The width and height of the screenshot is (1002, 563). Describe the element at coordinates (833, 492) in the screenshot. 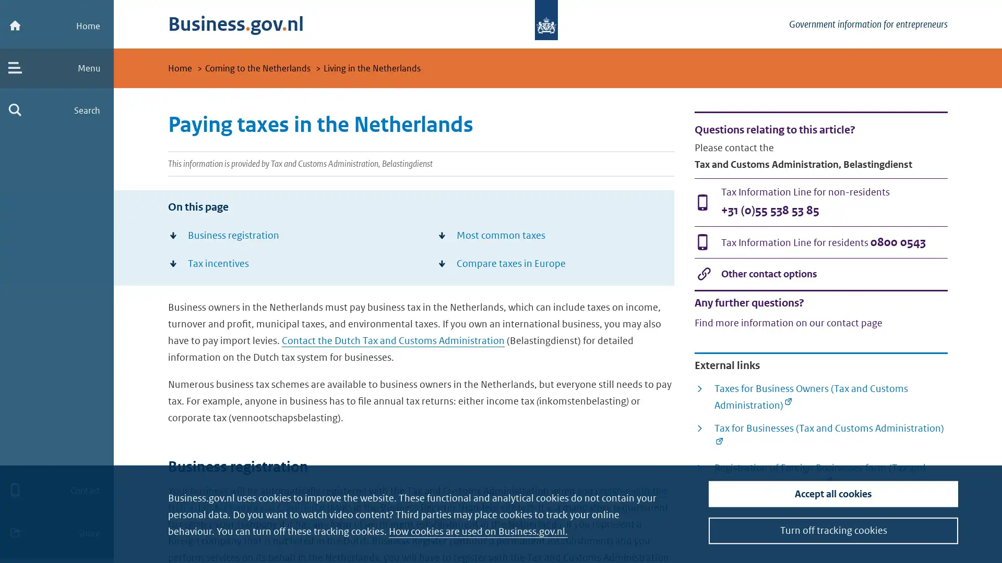

I see `Accept all cookies` at that location.